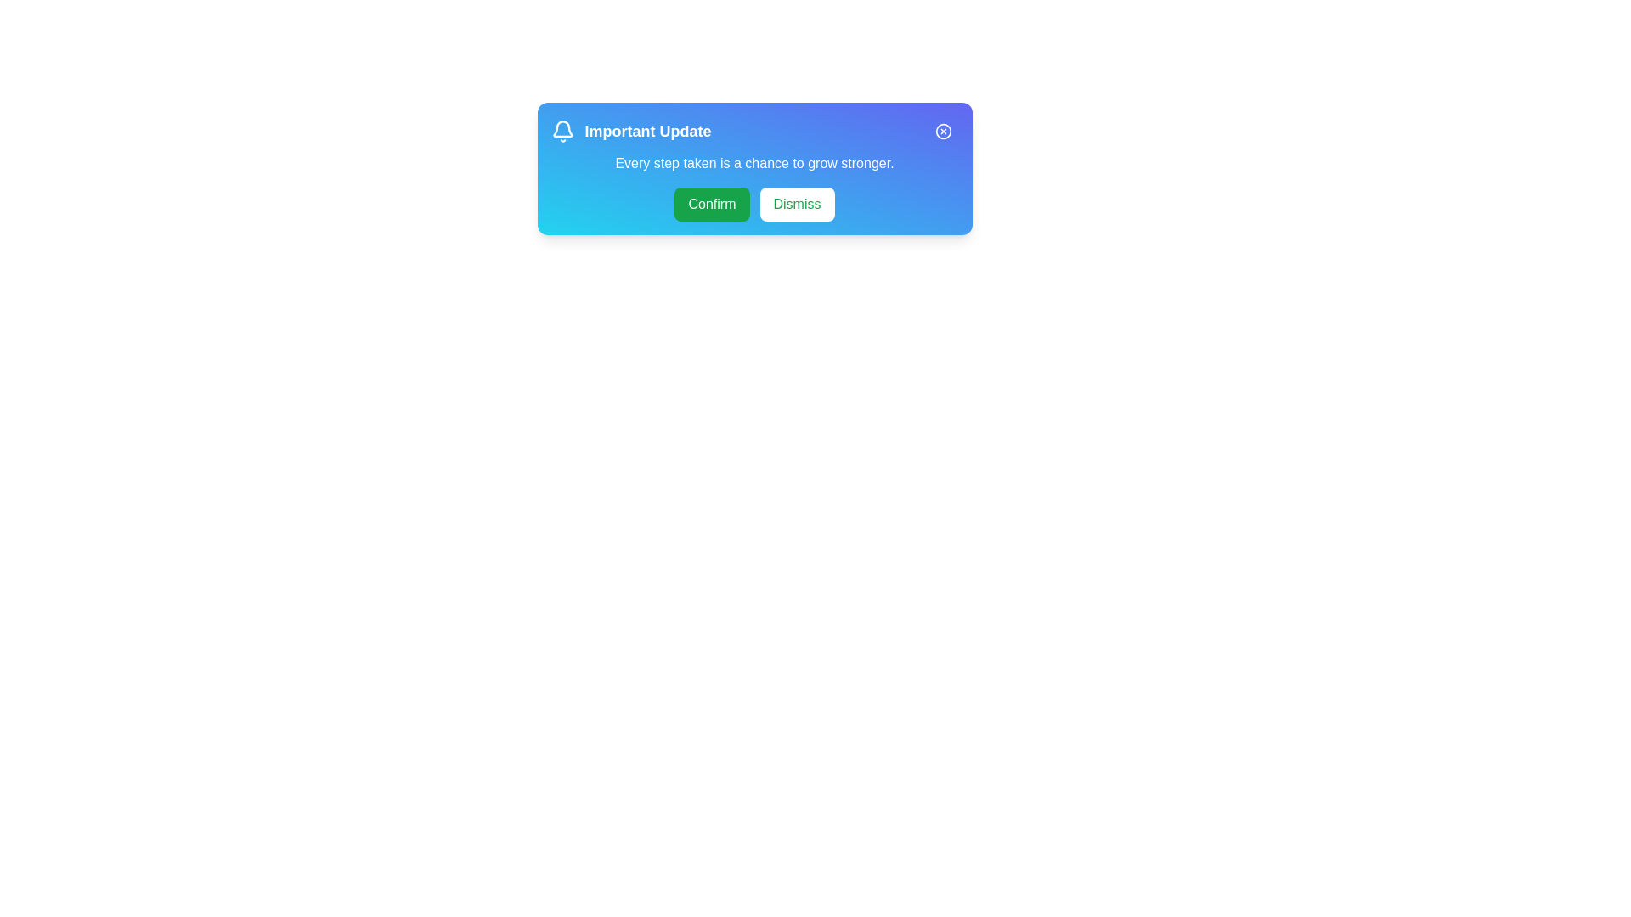  What do you see at coordinates (562, 130) in the screenshot?
I see `the notification bell icon to interact with it` at bounding box center [562, 130].